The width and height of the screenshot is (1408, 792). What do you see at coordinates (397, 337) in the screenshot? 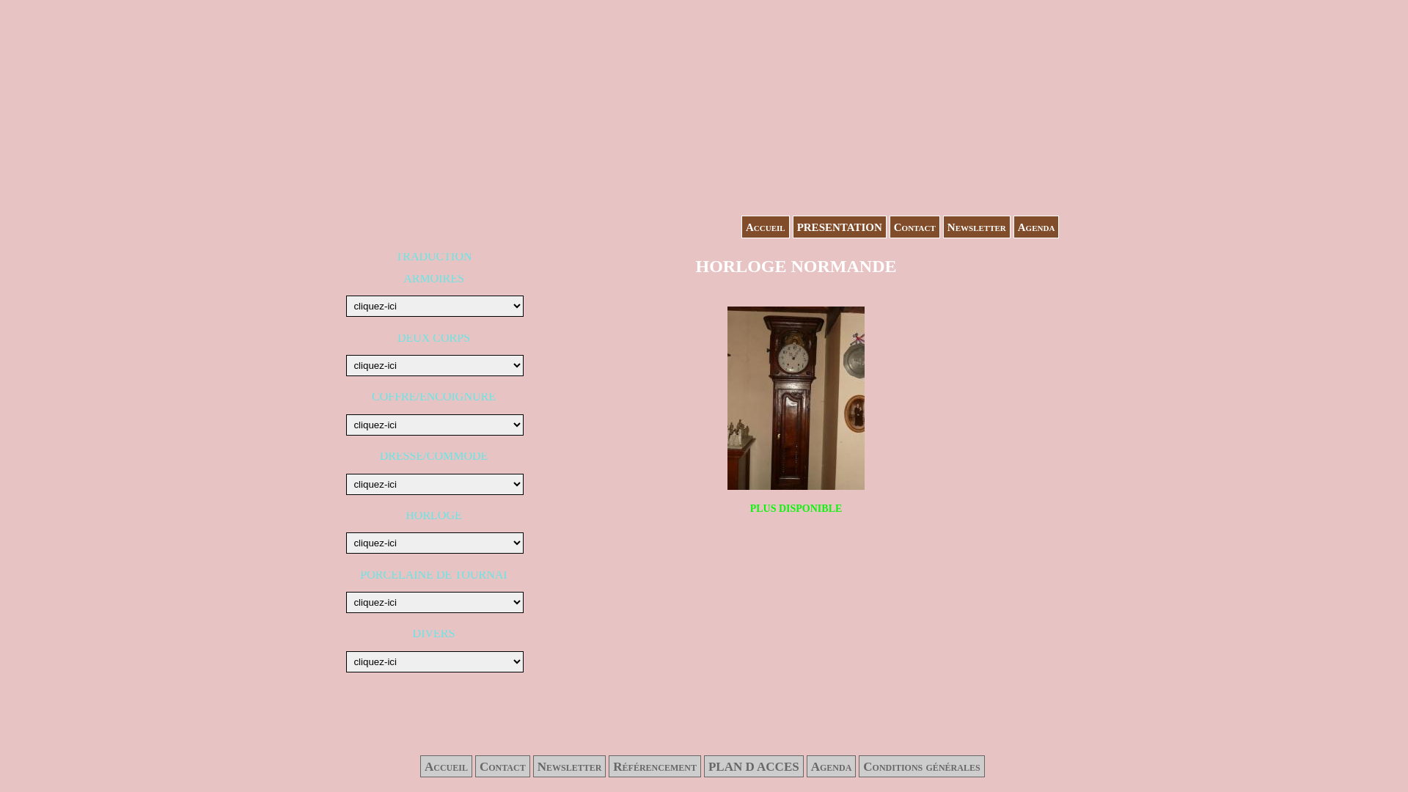
I see `'DEUX CORPS'` at bounding box center [397, 337].